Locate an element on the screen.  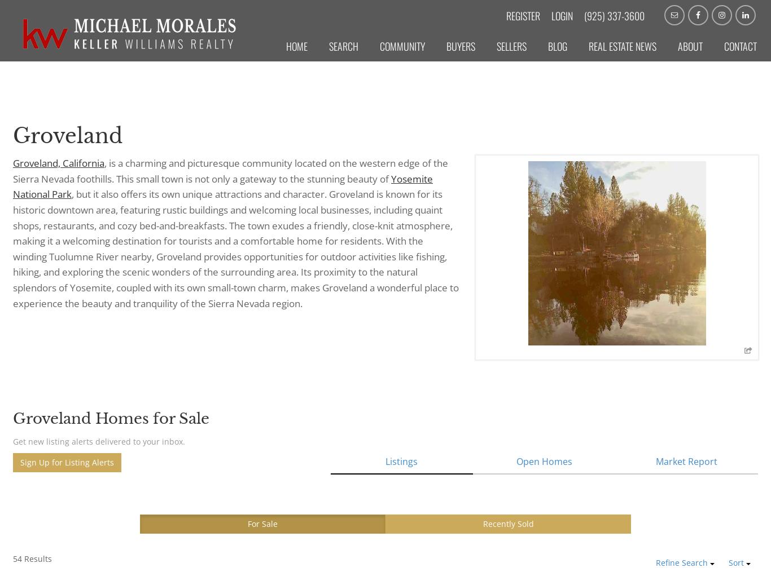
'Listings' is located at coordinates (401, 462).